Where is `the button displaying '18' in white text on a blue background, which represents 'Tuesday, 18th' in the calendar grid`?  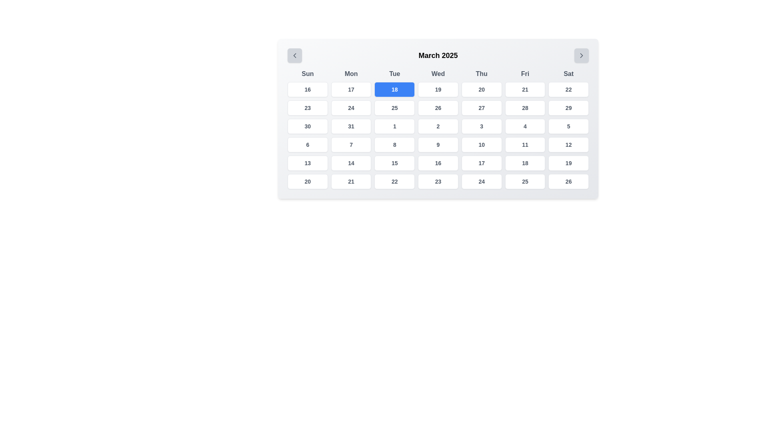 the button displaying '18' in white text on a blue background, which represents 'Tuesday, 18th' in the calendar grid is located at coordinates (394, 89).